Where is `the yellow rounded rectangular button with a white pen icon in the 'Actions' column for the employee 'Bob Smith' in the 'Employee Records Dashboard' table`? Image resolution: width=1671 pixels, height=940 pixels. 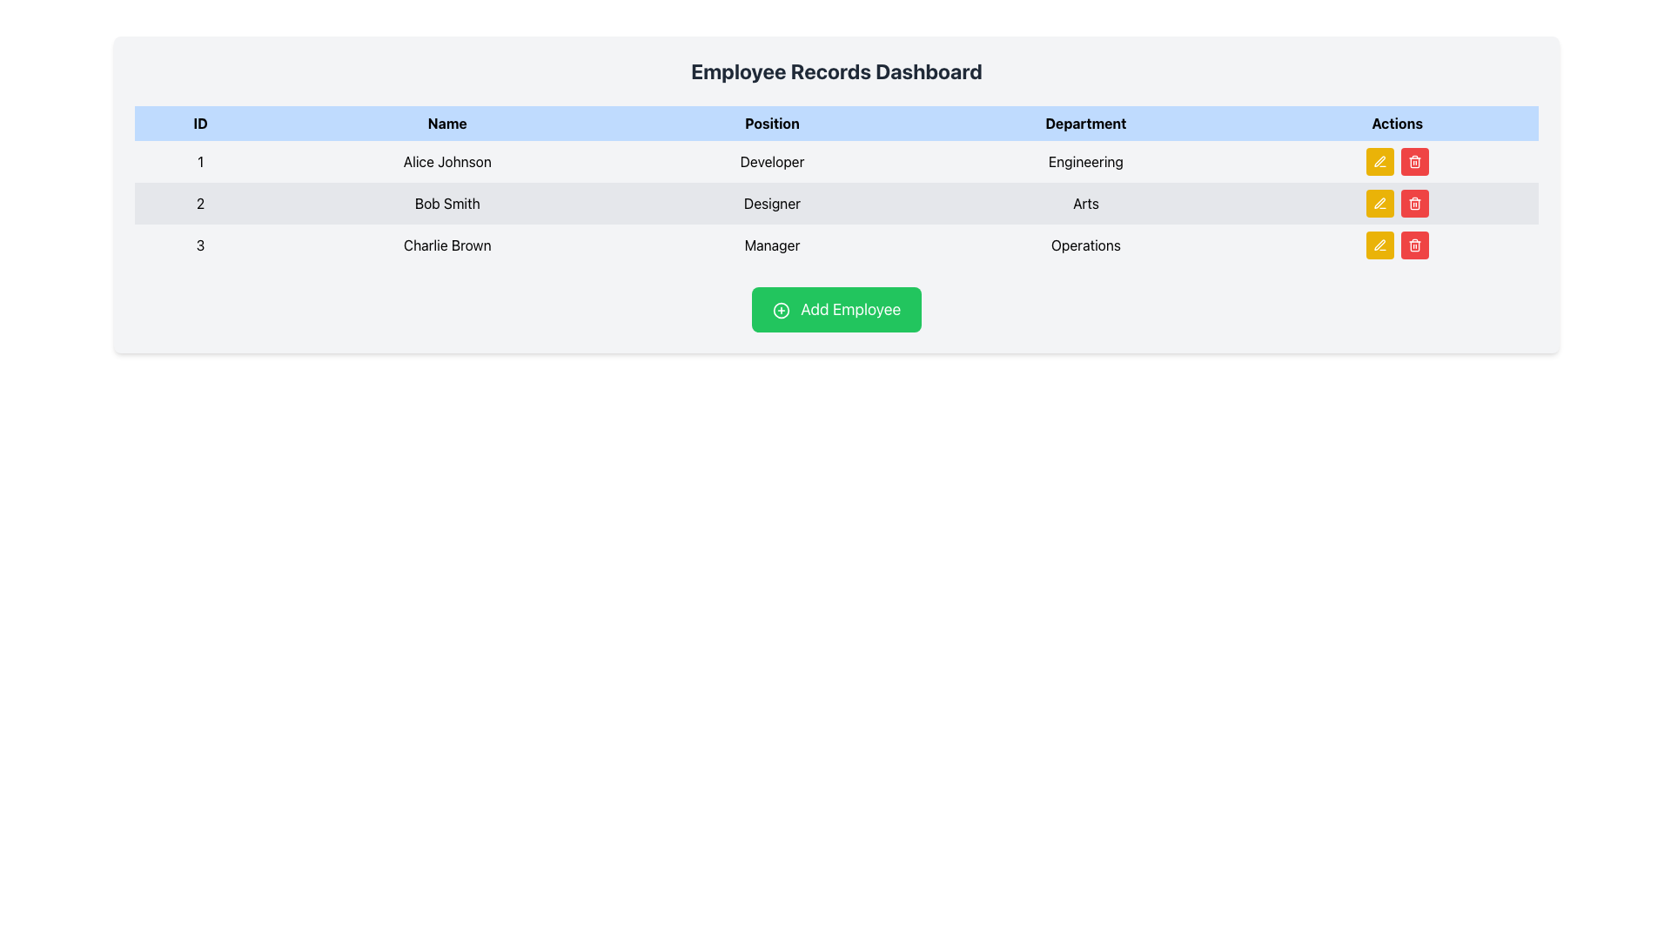 the yellow rounded rectangular button with a white pen icon in the 'Actions' column for the employee 'Bob Smith' in the 'Employee Records Dashboard' table is located at coordinates (1379, 203).